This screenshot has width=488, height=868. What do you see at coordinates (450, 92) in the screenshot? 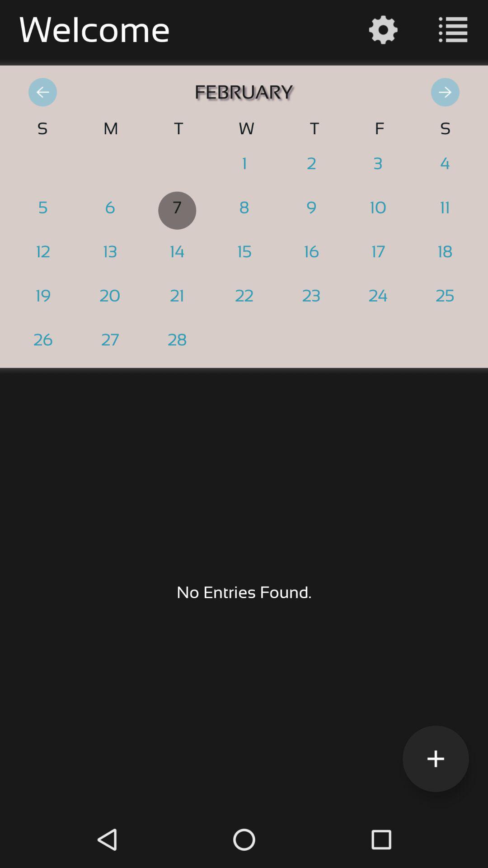
I see `the forward arrow` at bounding box center [450, 92].